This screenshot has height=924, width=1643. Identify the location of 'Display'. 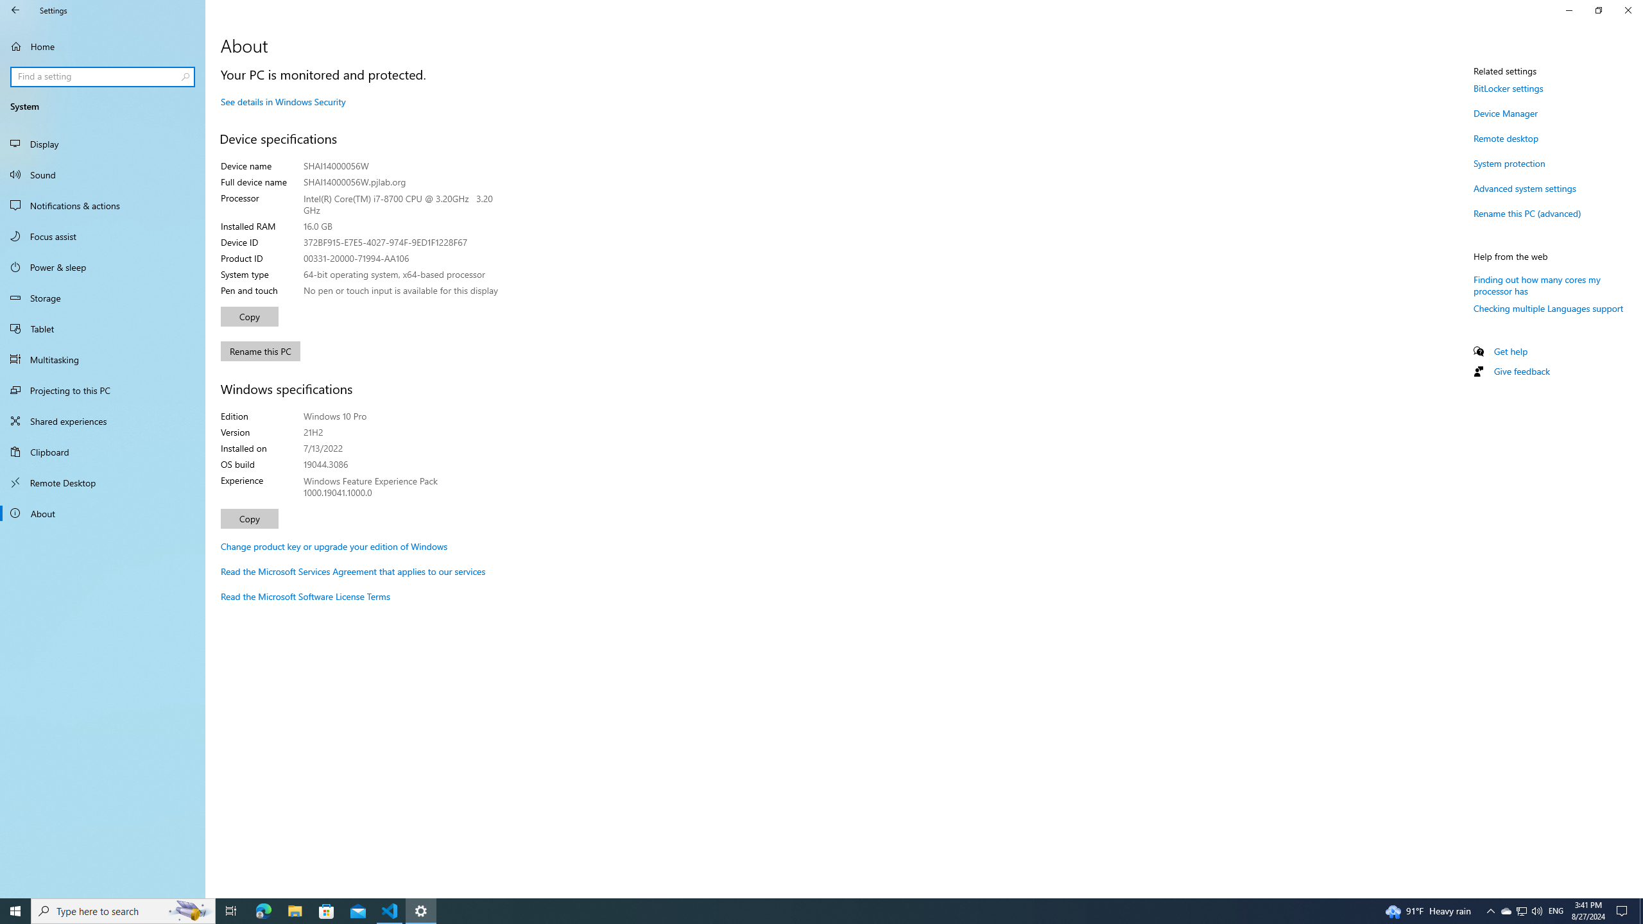
(102, 142).